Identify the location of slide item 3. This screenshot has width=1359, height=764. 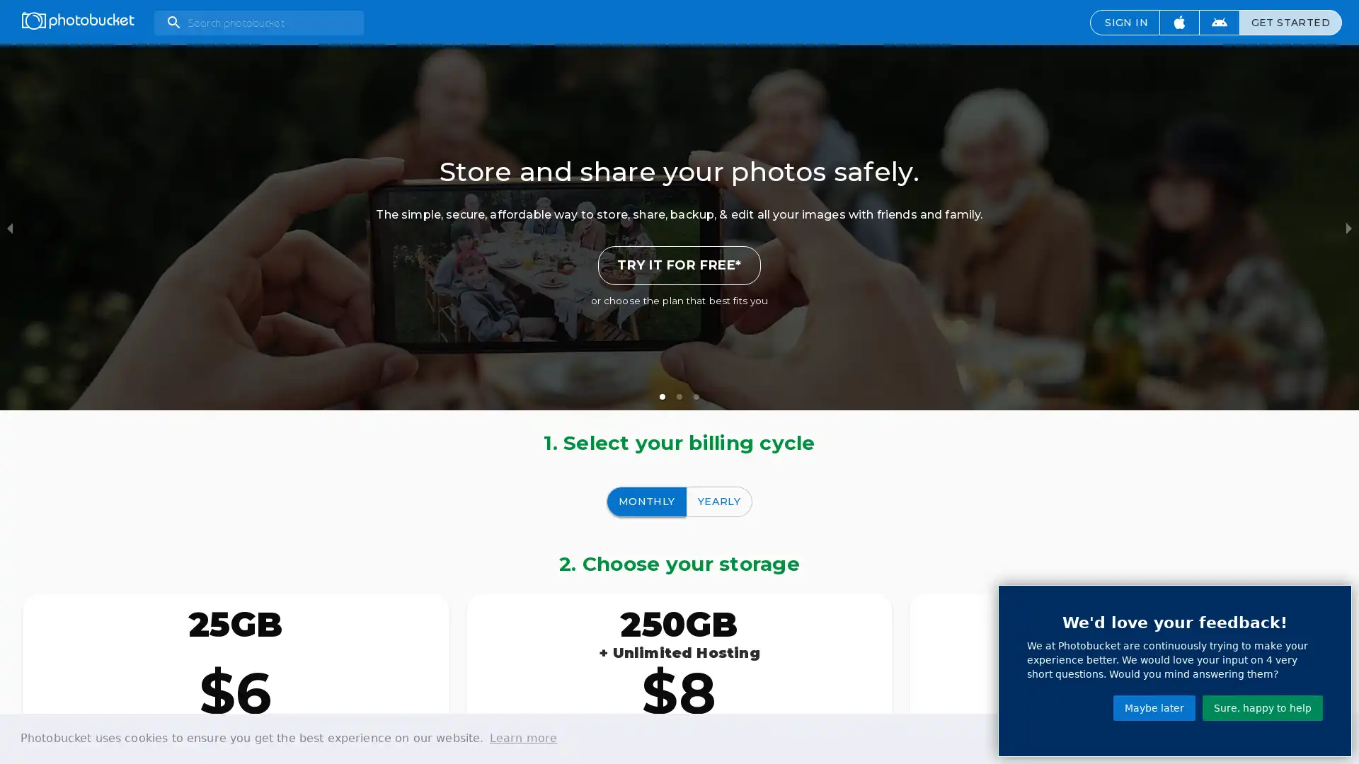
(696, 395).